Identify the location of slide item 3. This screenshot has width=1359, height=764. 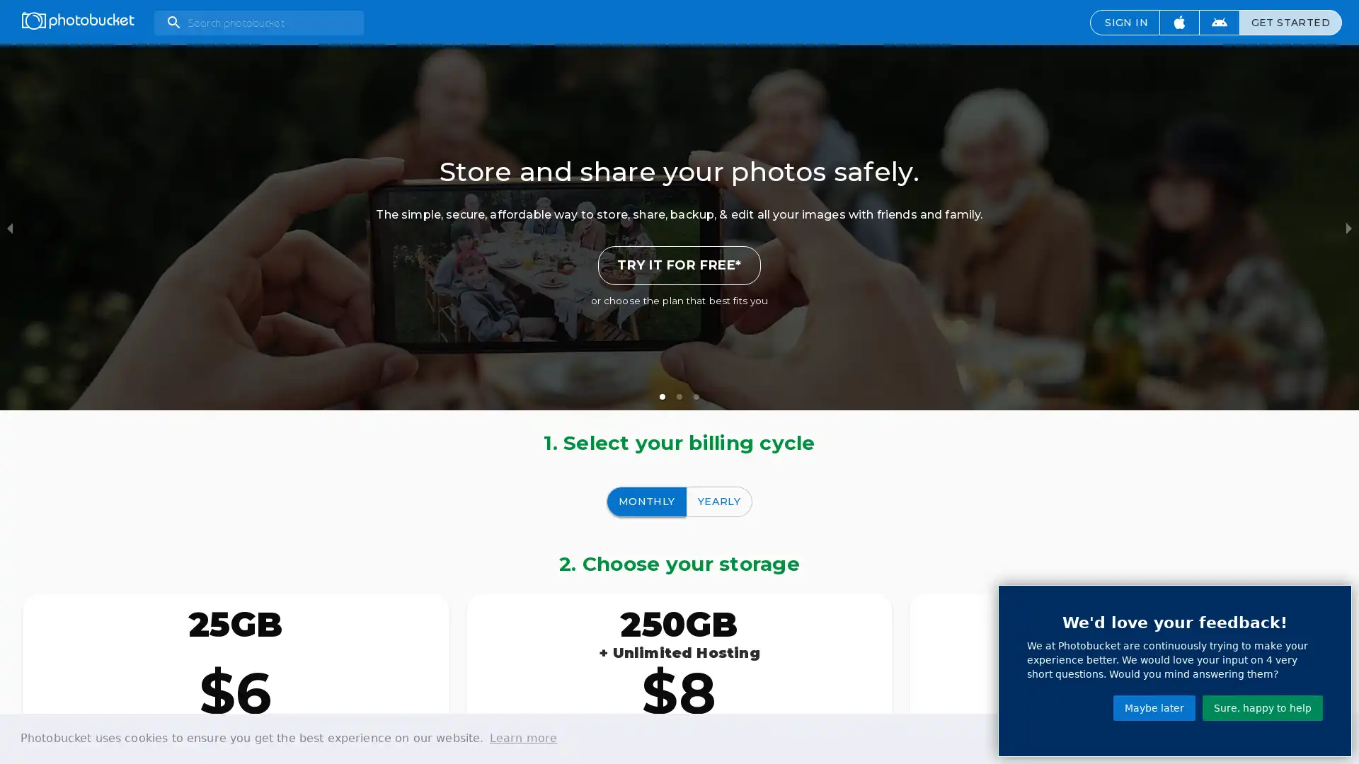
(696, 395).